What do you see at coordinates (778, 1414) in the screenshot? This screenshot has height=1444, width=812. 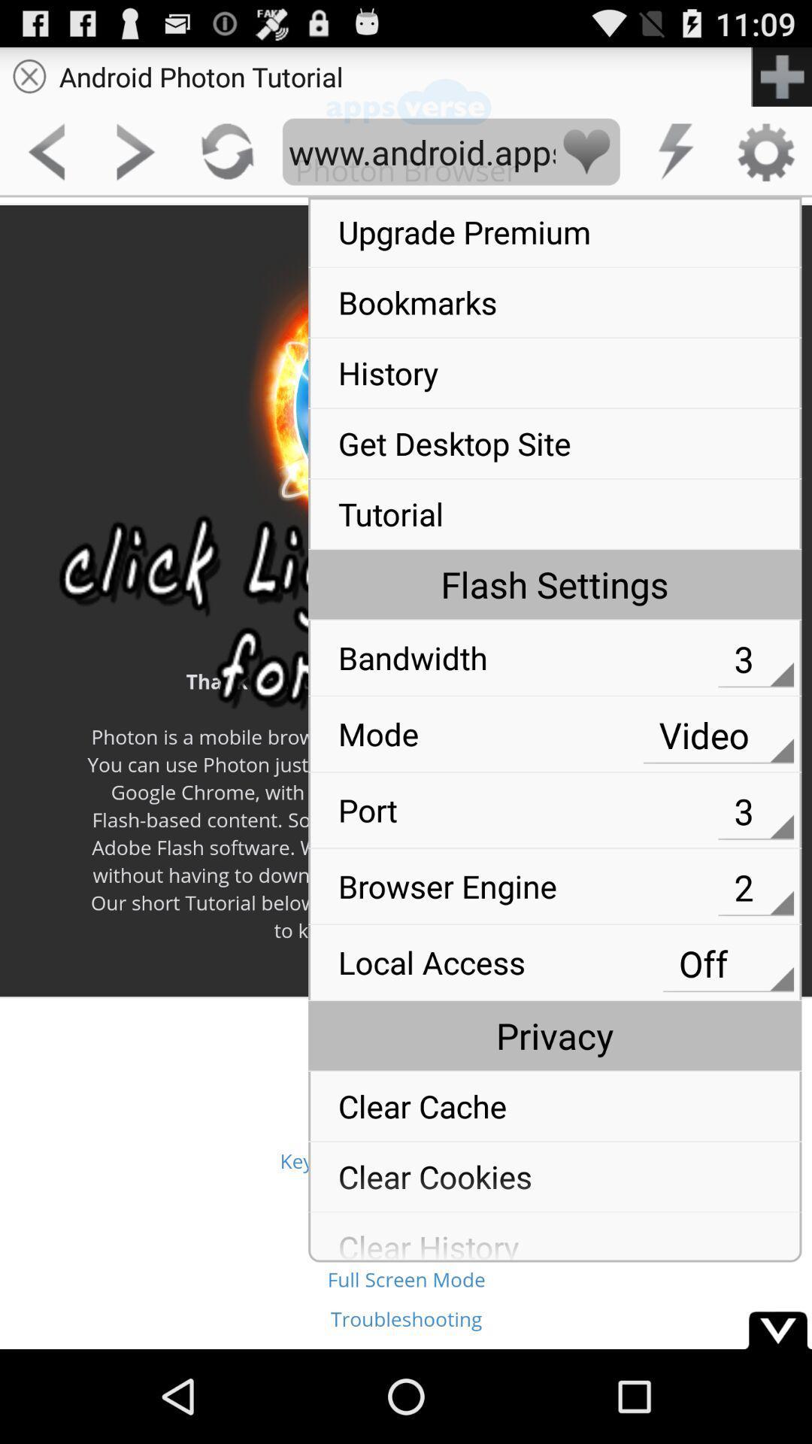 I see `the expand_more icon` at bounding box center [778, 1414].